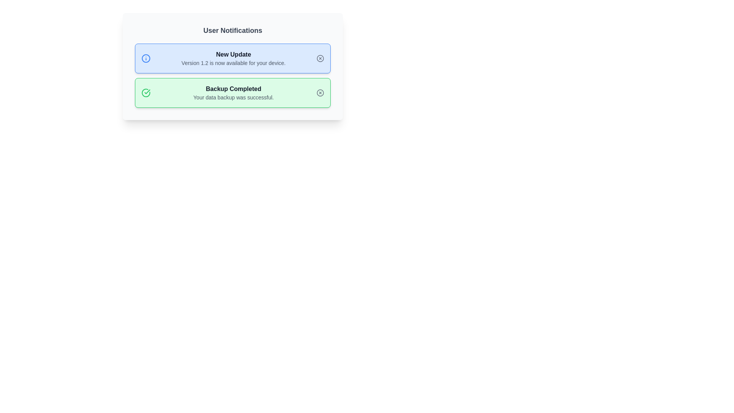 This screenshot has height=413, width=734. What do you see at coordinates (232, 30) in the screenshot?
I see `the Text header element that serves as a title for user notifications, positioned above the sections 'New Update' and 'Backup Completed'` at bounding box center [232, 30].